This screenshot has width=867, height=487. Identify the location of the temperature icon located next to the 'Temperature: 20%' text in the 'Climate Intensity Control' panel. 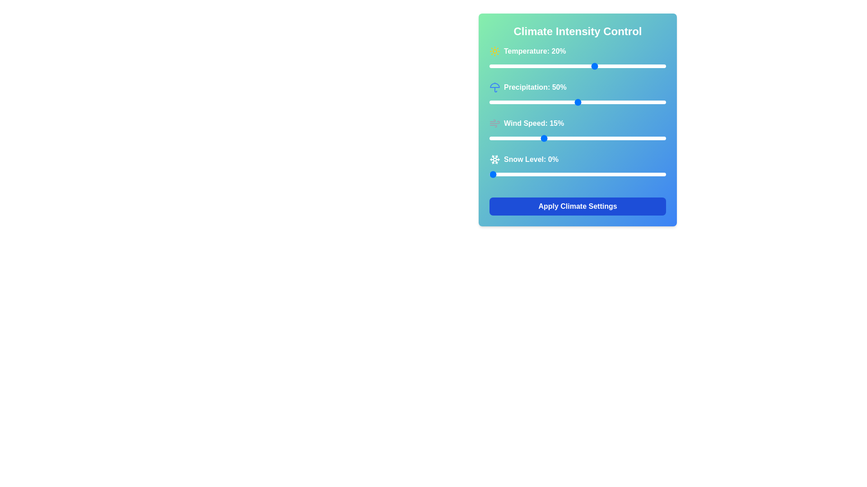
(494, 51).